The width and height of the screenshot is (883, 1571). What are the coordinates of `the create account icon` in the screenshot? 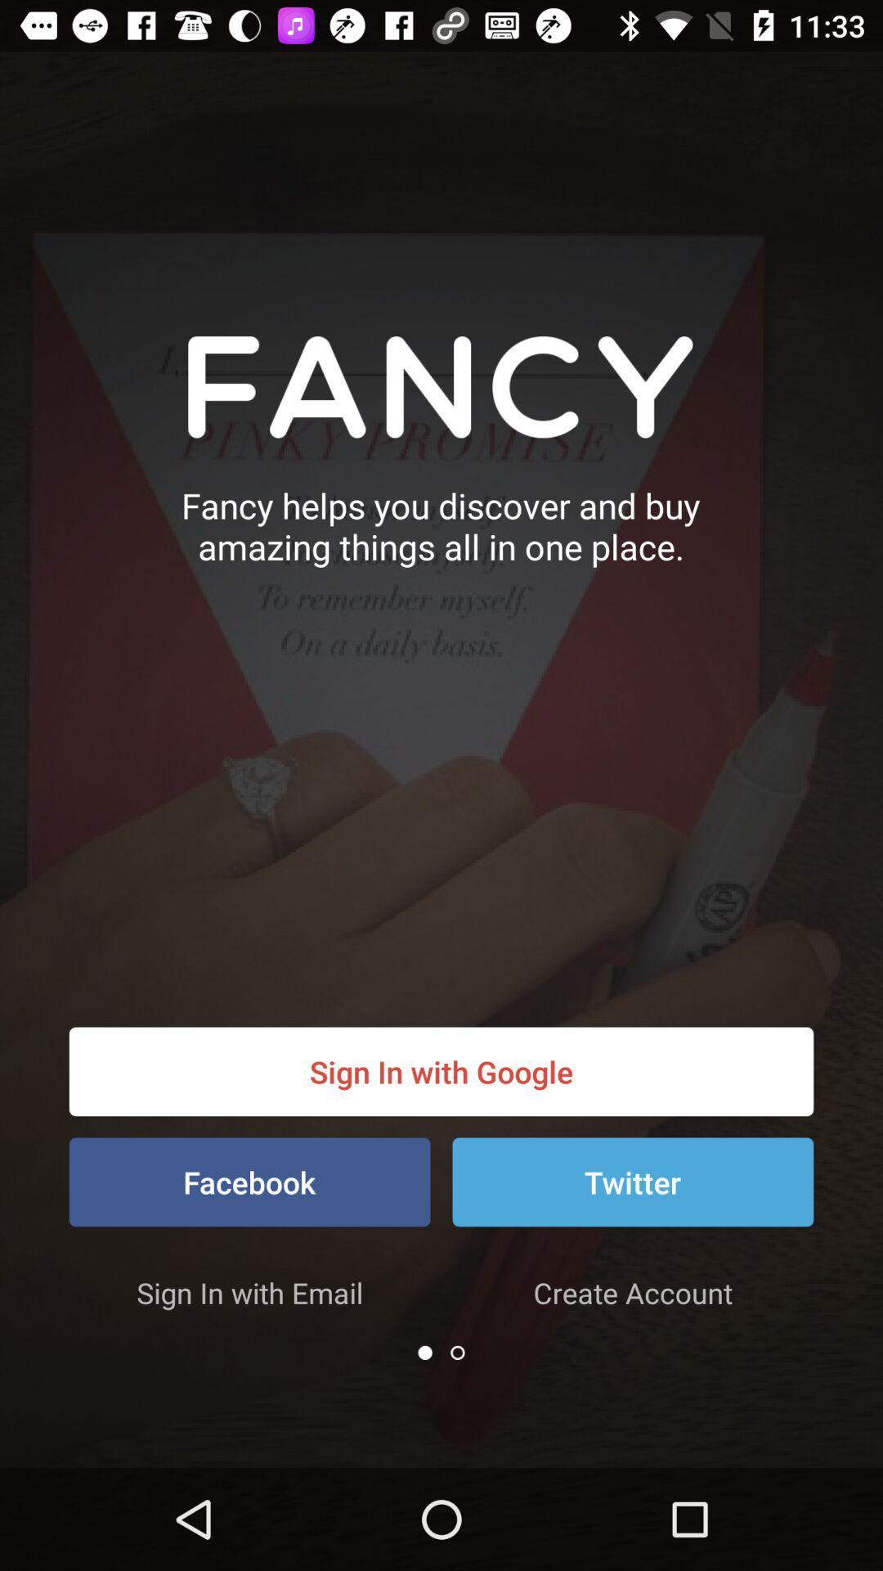 It's located at (632, 1291).